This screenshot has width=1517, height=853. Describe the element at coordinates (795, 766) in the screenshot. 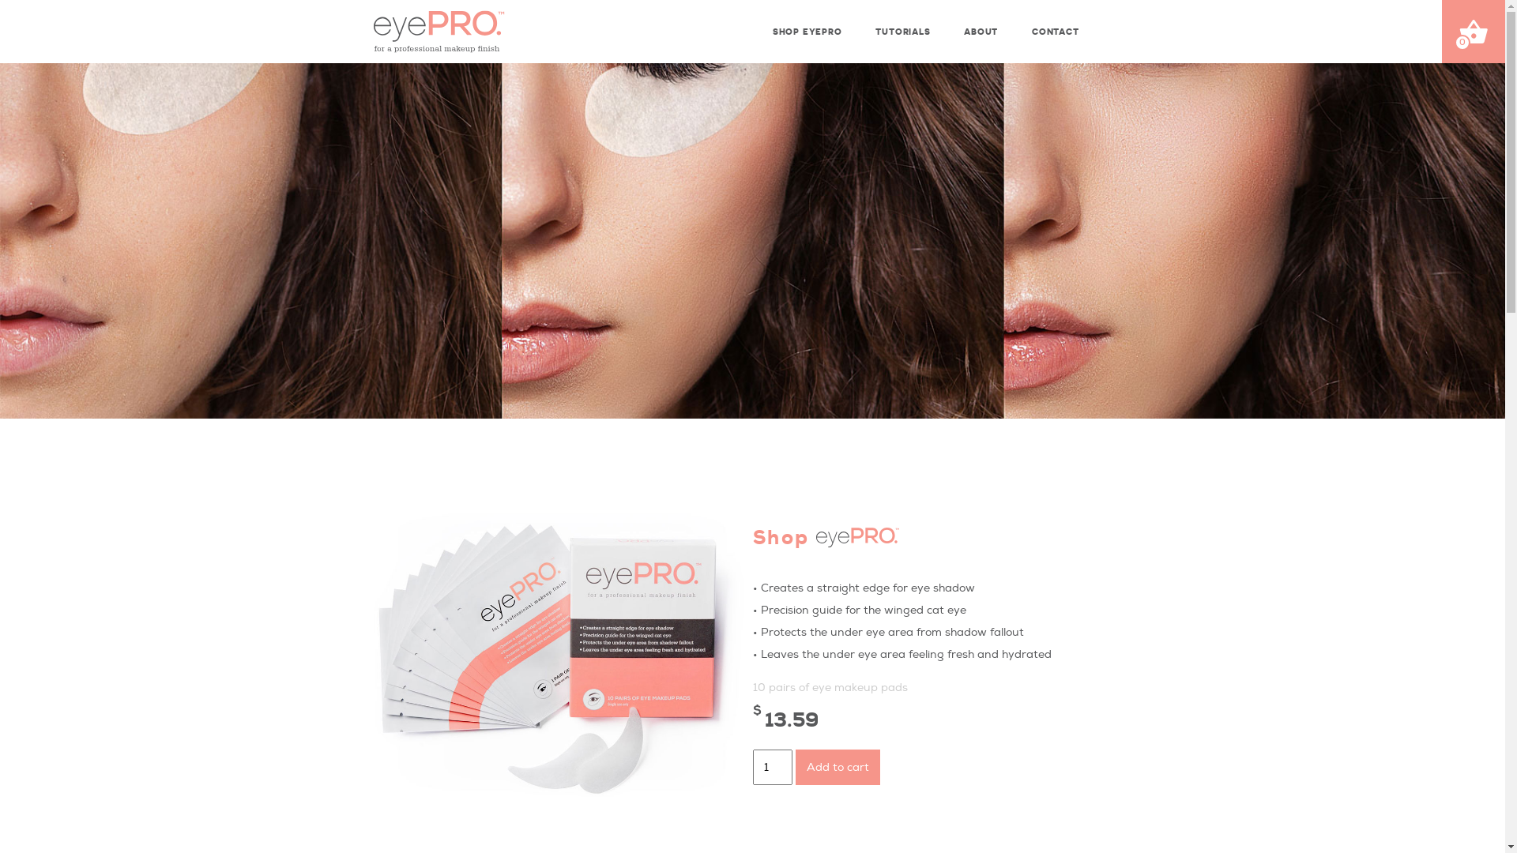

I see `'Add to cart'` at that location.